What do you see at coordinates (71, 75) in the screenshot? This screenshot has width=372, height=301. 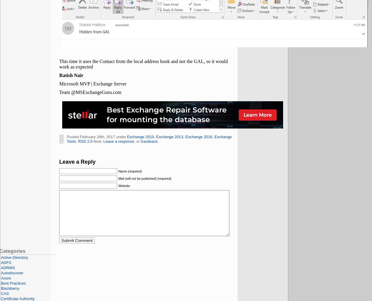 I see `'Ratish Nair'` at bounding box center [71, 75].